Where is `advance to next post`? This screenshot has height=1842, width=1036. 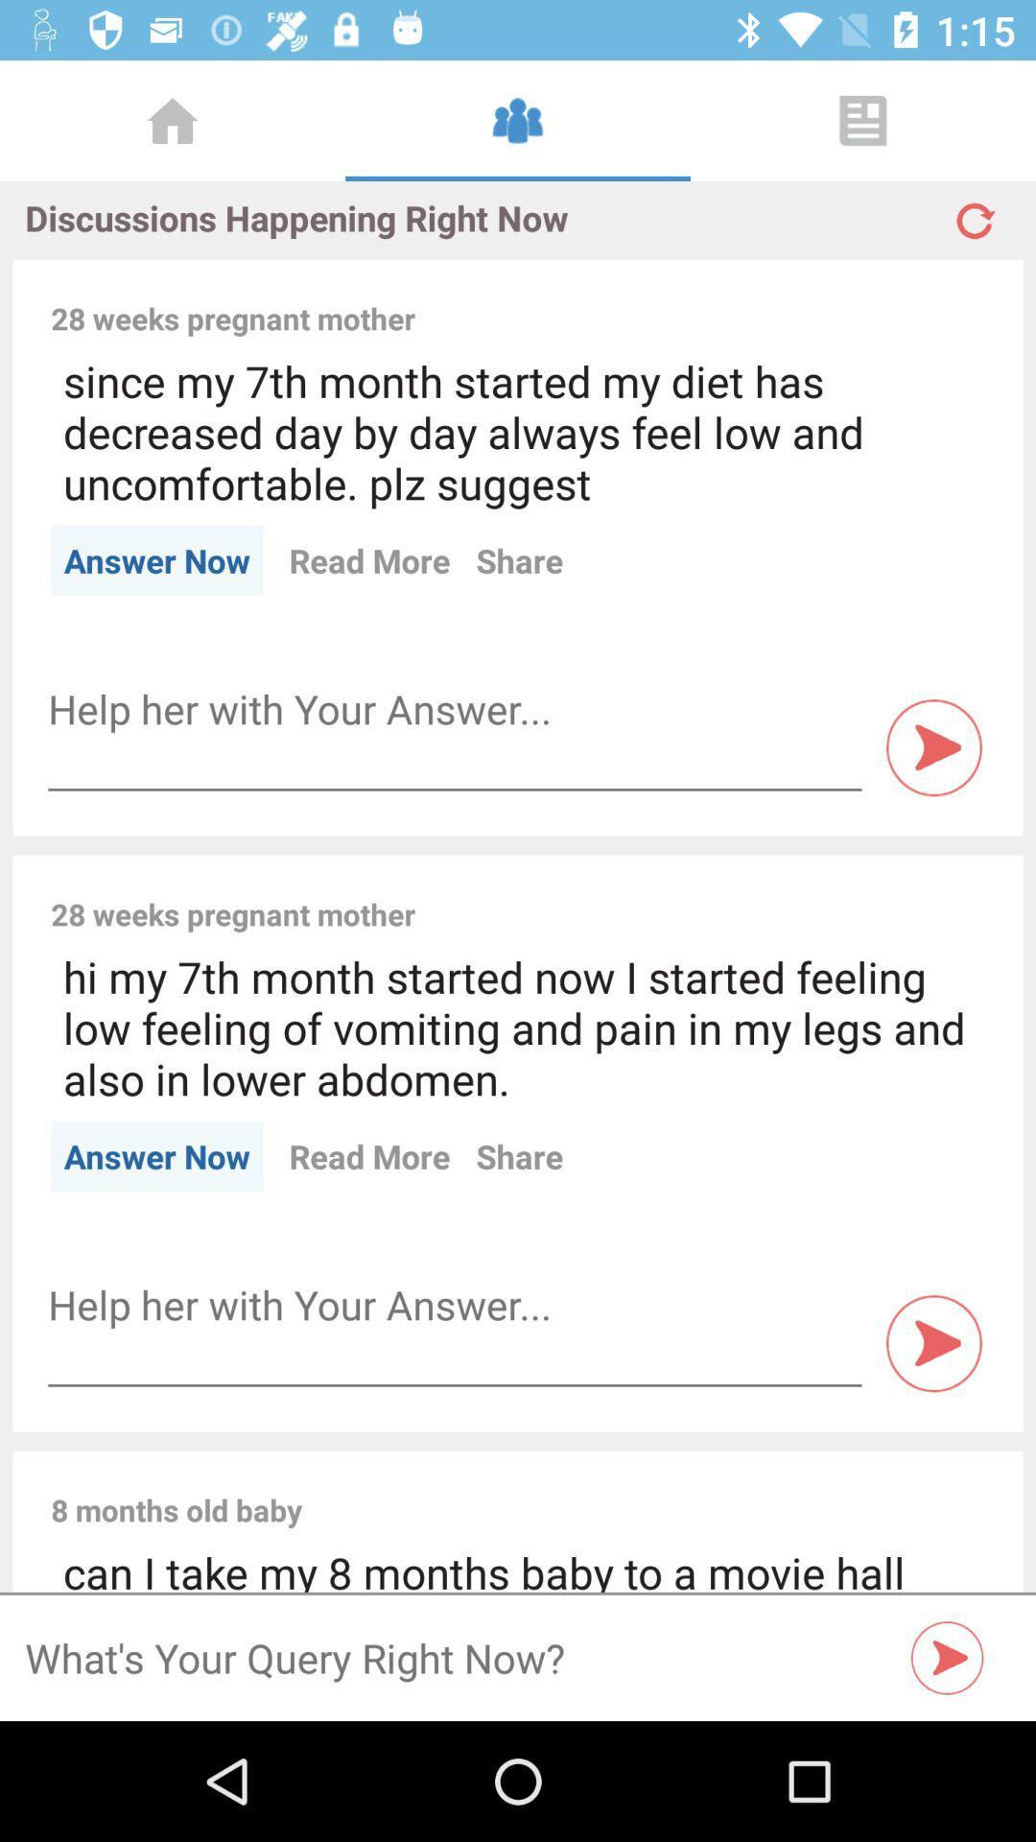
advance to next post is located at coordinates (933, 746).